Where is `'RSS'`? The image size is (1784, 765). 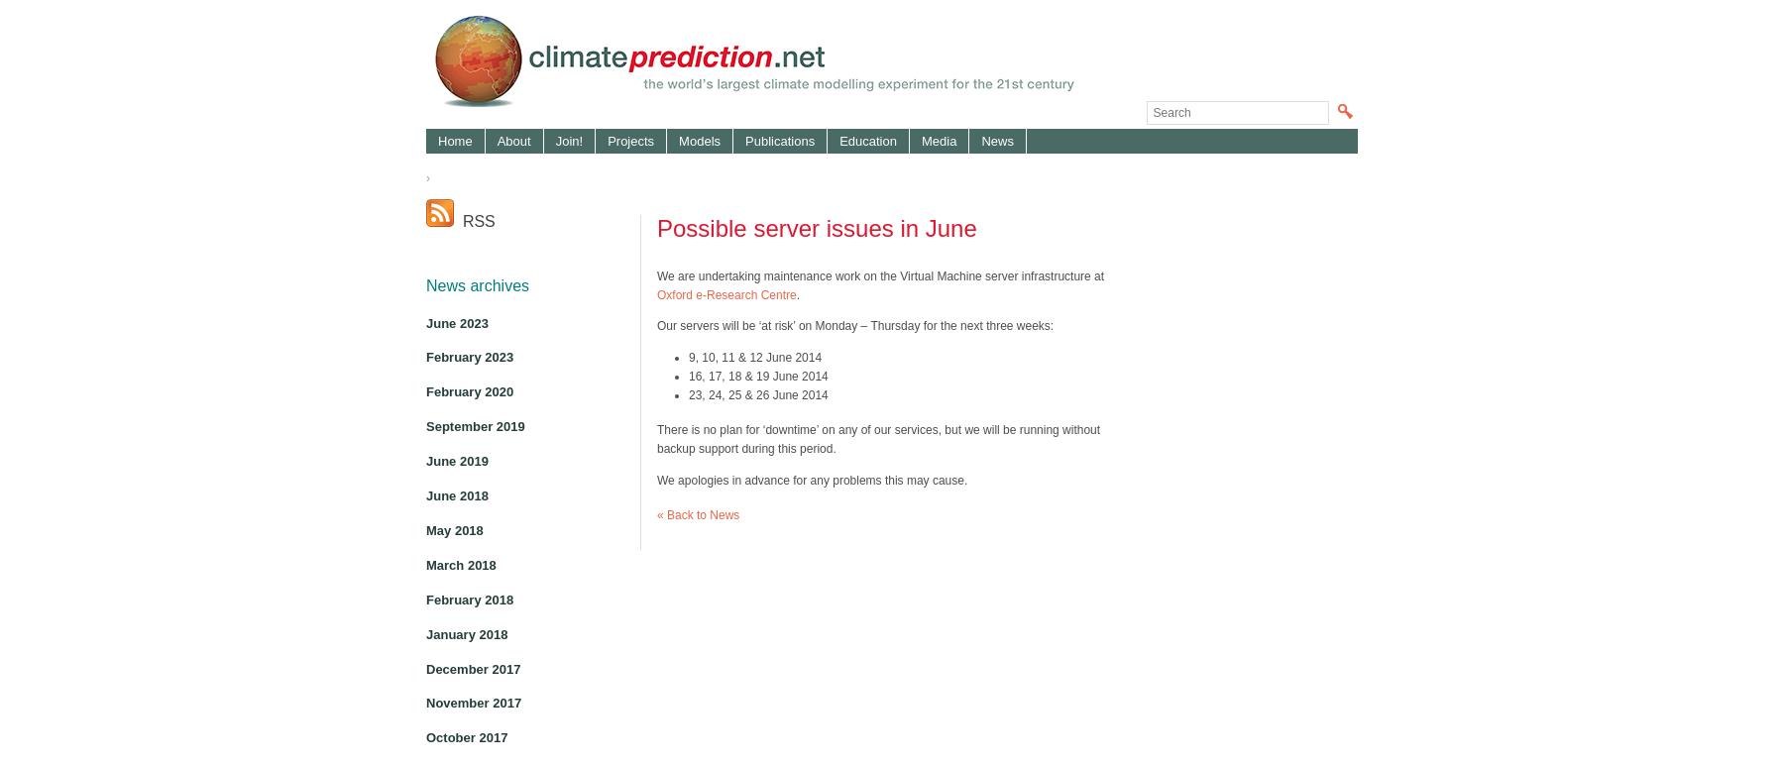 'RSS' is located at coordinates (452, 221).